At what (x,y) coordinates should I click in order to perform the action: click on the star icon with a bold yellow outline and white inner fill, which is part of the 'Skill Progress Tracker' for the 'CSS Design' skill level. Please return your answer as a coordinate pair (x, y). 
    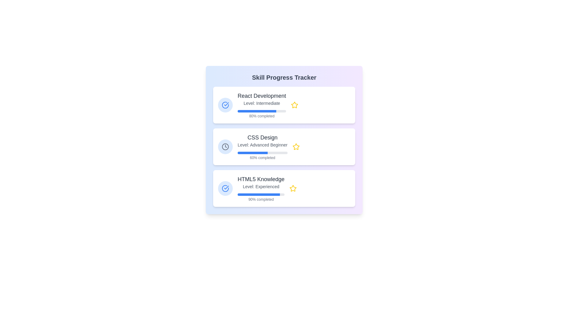
    Looking at the image, I should click on (296, 146).